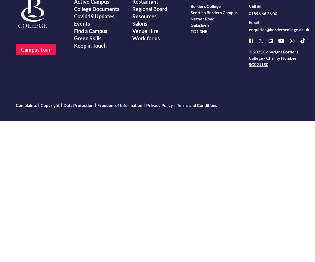 The width and height of the screenshot is (315, 262). I want to click on 'Resources', so click(132, 16).